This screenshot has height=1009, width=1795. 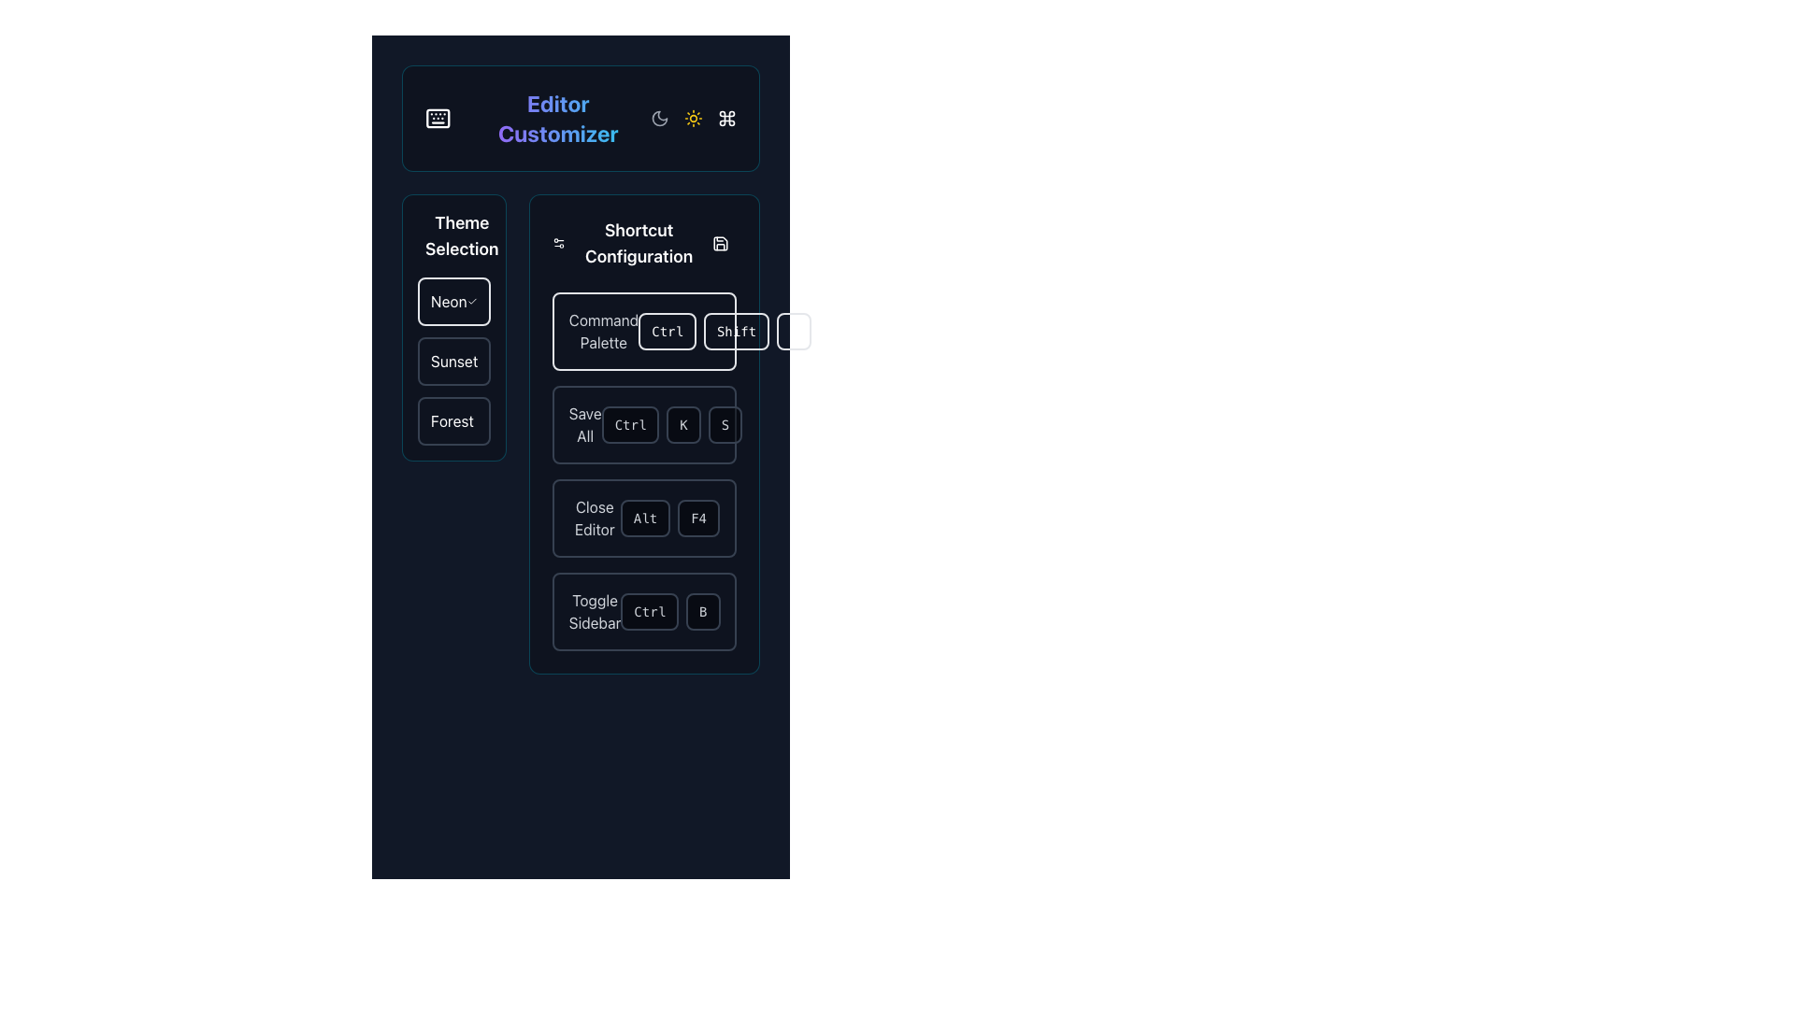 I want to click on the Checkmark icon indicating the 'Neon' theme in the theme selection menu, located to the right of the text 'Neon', so click(x=472, y=301).